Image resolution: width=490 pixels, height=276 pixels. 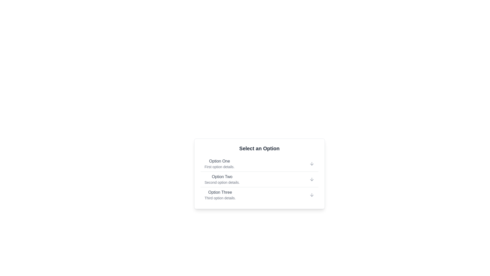 I want to click on the gray downwards arrow icon located to the right of the text 'Option Three' and 'Third option details' in the third row of the list, so click(x=311, y=195).